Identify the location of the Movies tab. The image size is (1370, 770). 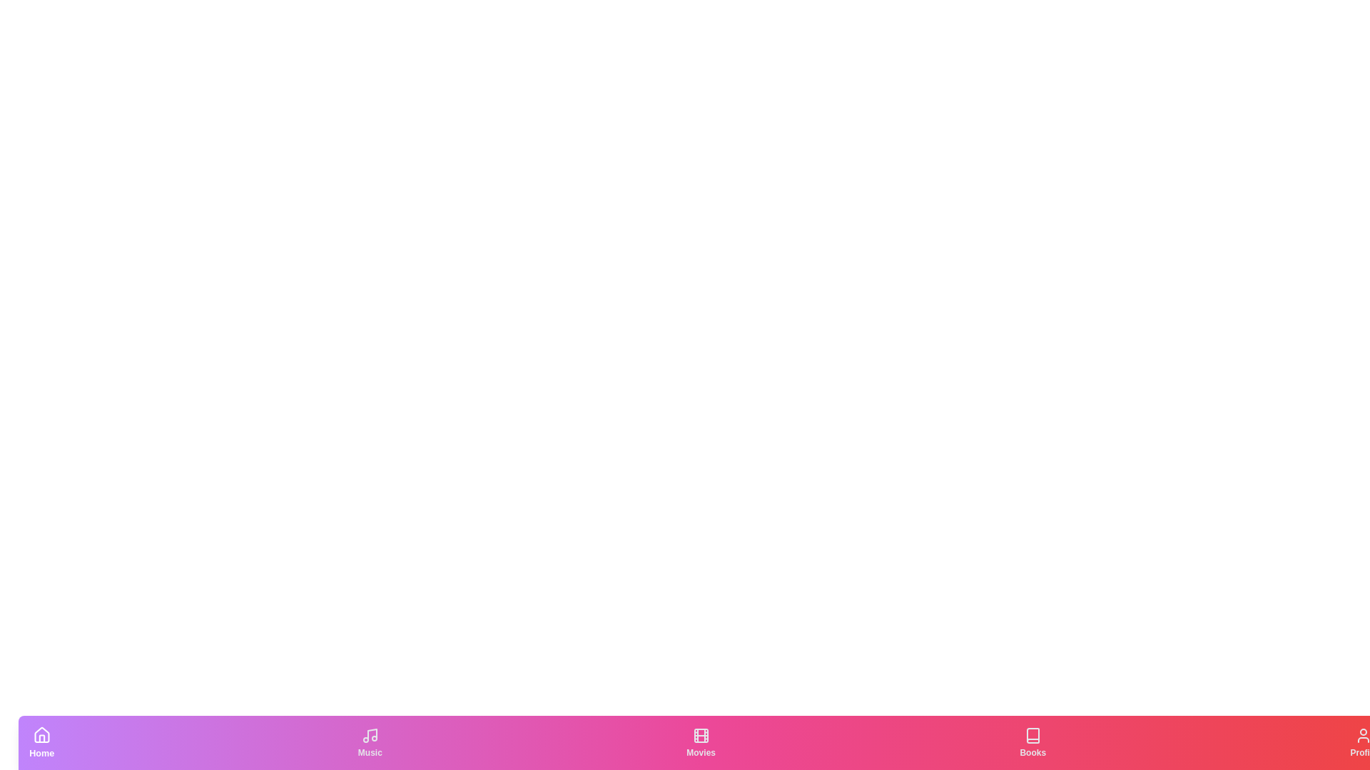
(701, 741).